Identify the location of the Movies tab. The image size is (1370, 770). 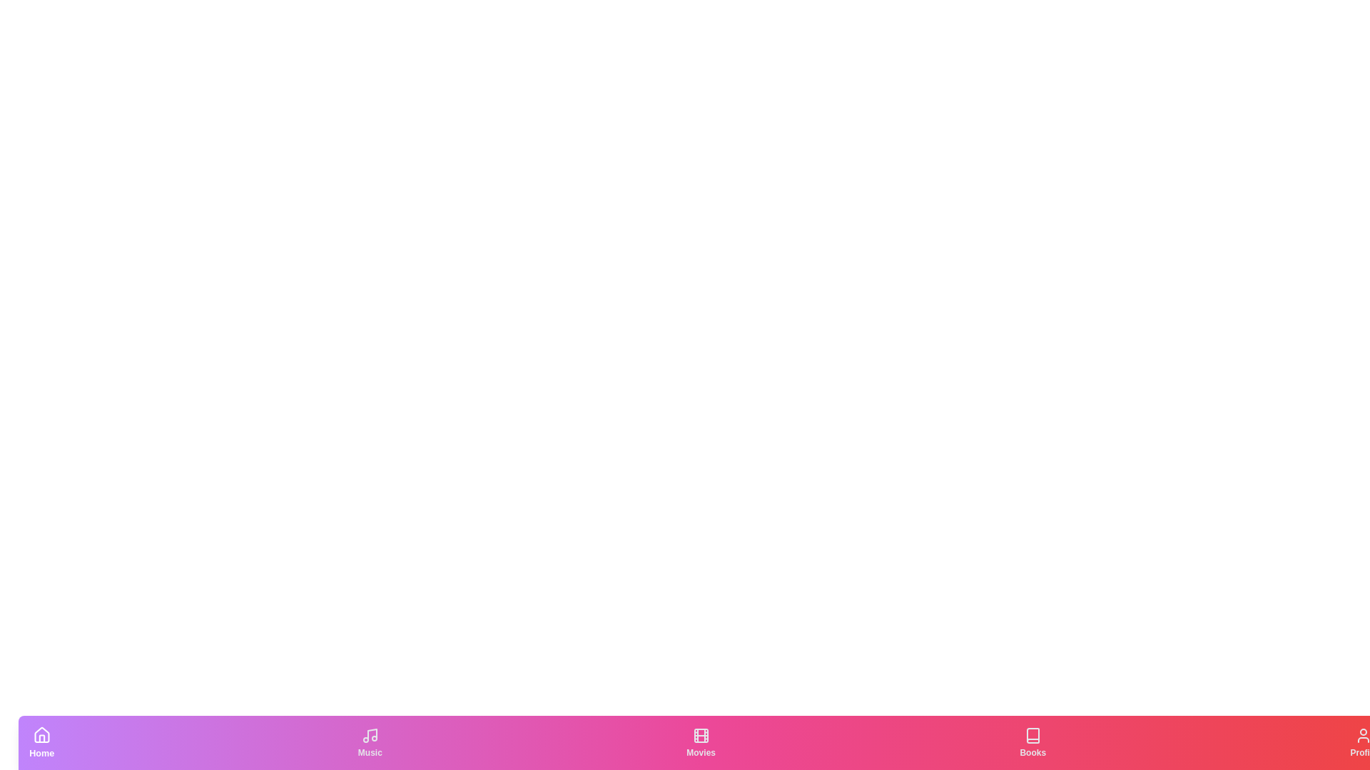
(701, 741).